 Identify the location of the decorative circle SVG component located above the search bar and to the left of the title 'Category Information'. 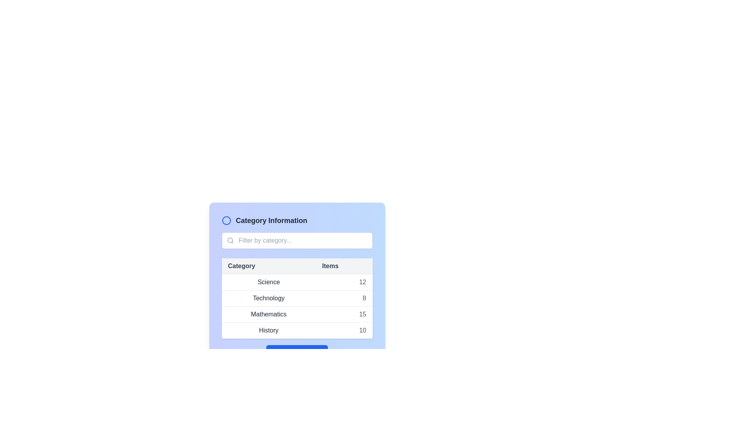
(226, 221).